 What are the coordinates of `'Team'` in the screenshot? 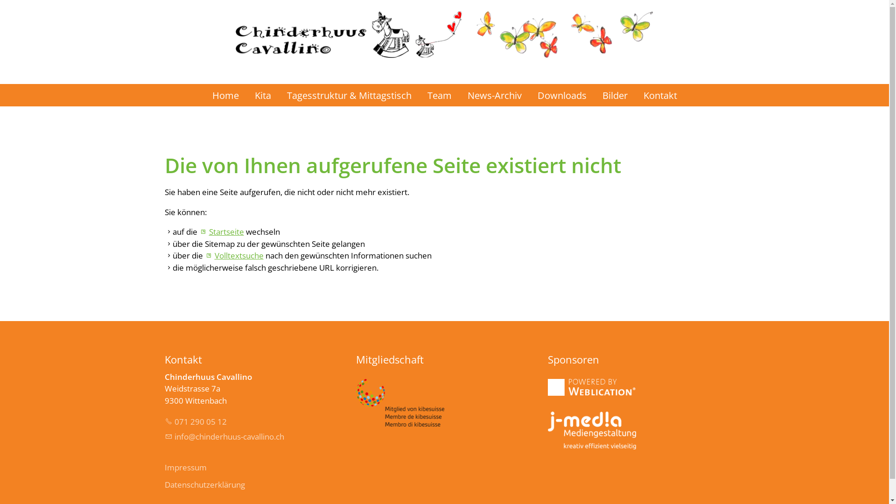 It's located at (438, 95).